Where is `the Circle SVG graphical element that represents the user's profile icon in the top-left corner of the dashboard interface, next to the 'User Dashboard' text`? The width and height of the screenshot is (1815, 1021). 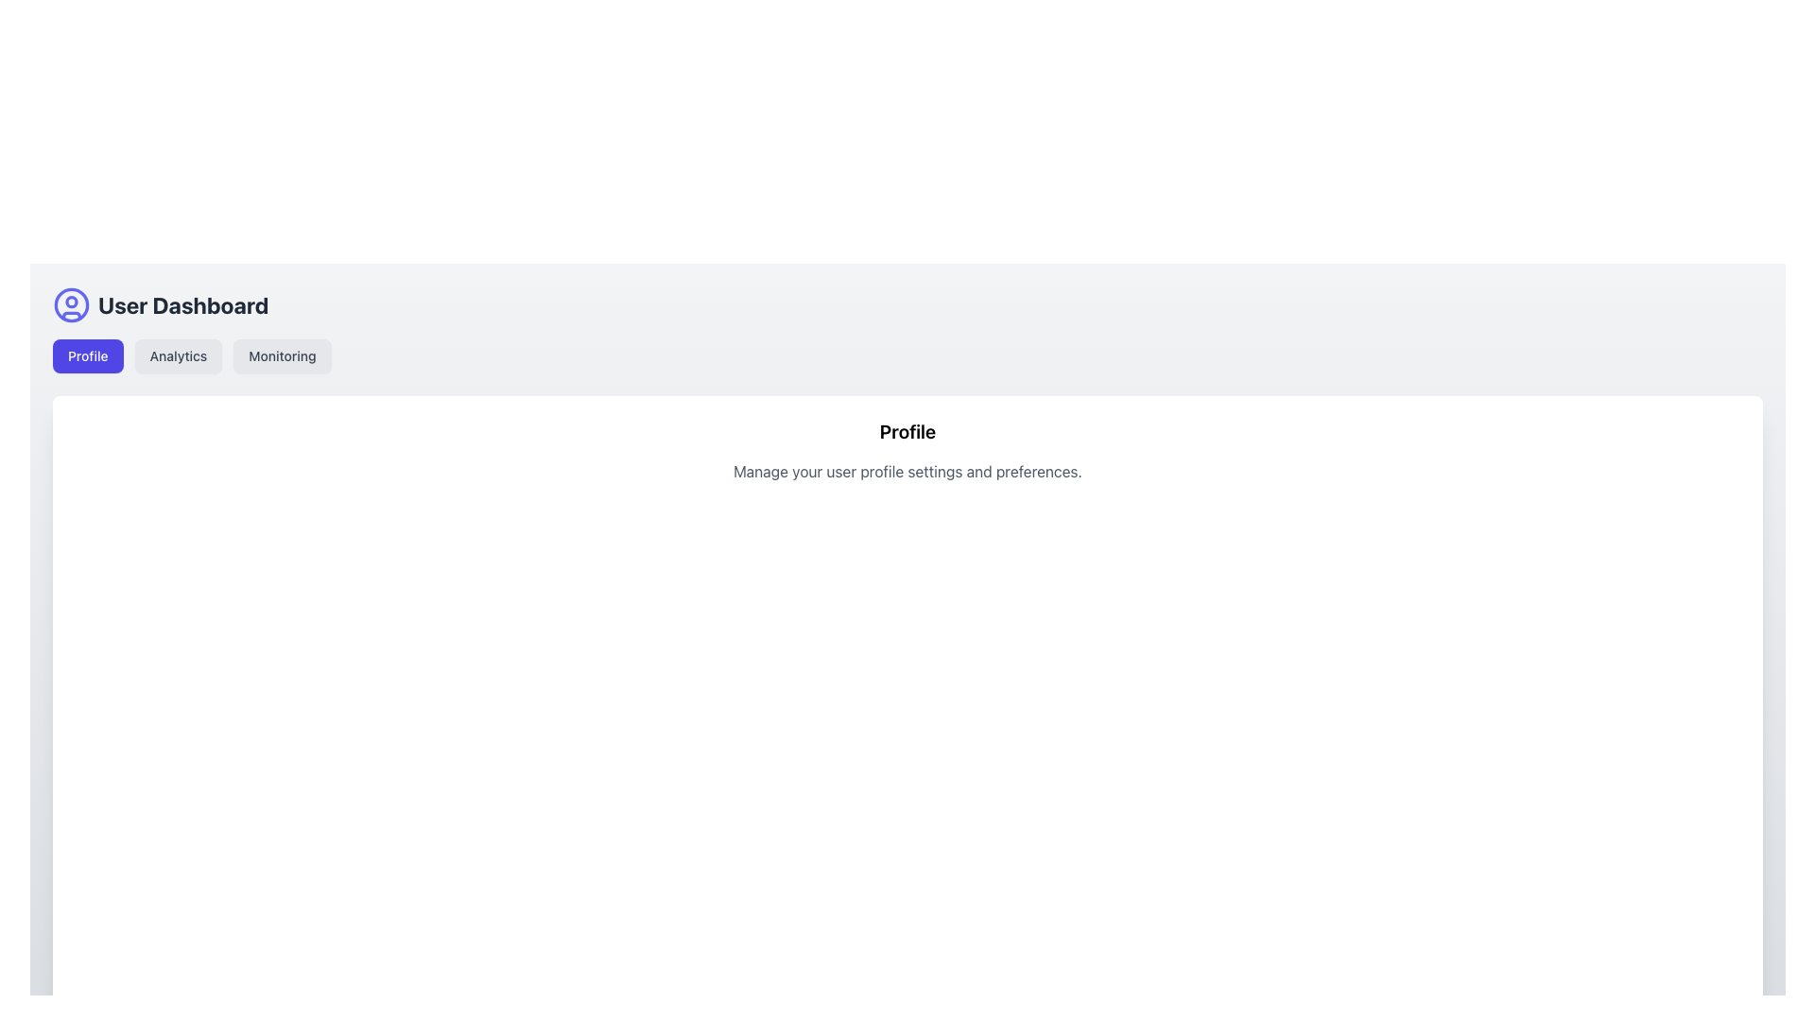 the Circle SVG graphical element that represents the user's profile icon in the top-left corner of the dashboard interface, next to the 'User Dashboard' text is located at coordinates (72, 301).